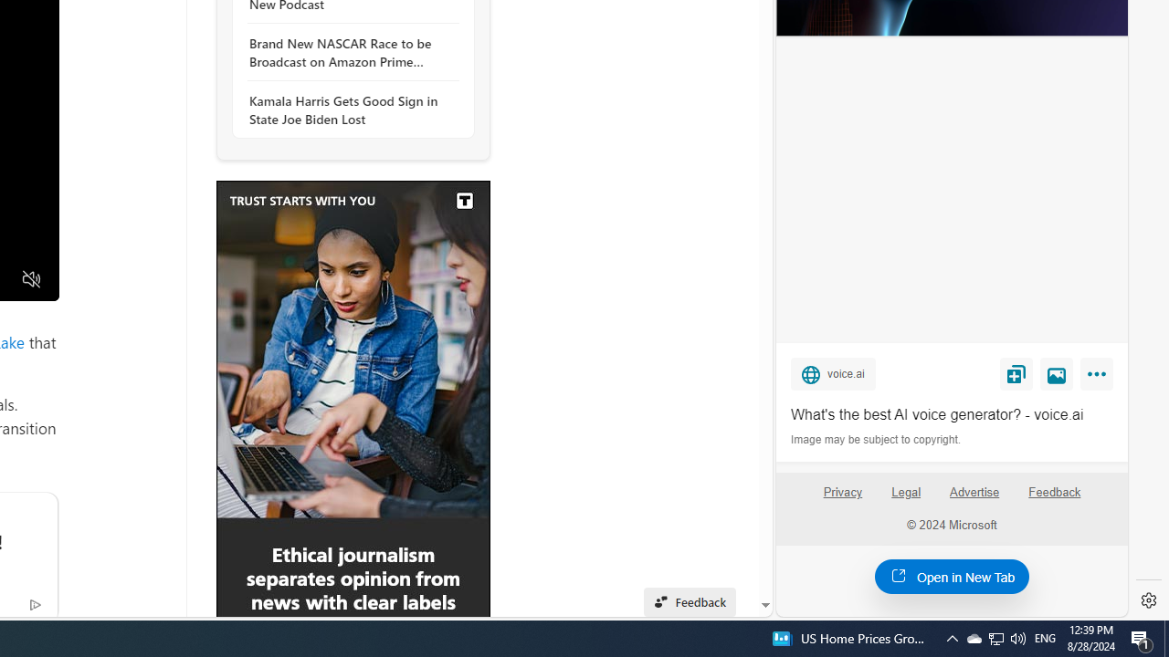 Image resolution: width=1169 pixels, height=657 pixels. I want to click on 'More', so click(1099, 376).